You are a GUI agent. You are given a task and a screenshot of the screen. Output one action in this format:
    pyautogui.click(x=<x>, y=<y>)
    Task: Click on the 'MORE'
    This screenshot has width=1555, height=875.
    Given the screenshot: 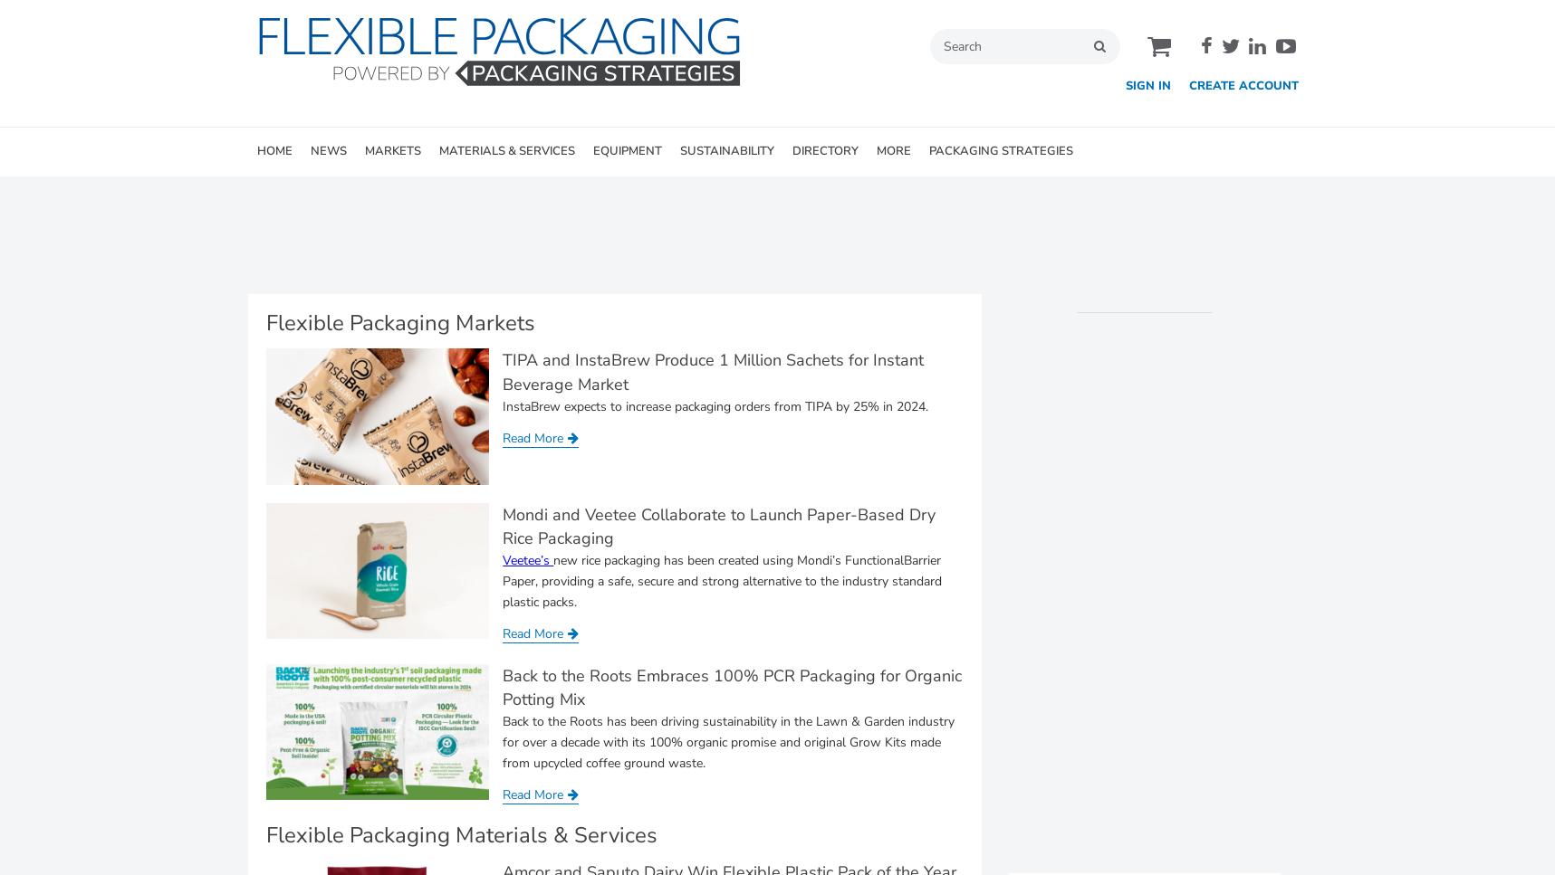 What is the action you would take?
    pyautogui.click(x=892, y=151)
    